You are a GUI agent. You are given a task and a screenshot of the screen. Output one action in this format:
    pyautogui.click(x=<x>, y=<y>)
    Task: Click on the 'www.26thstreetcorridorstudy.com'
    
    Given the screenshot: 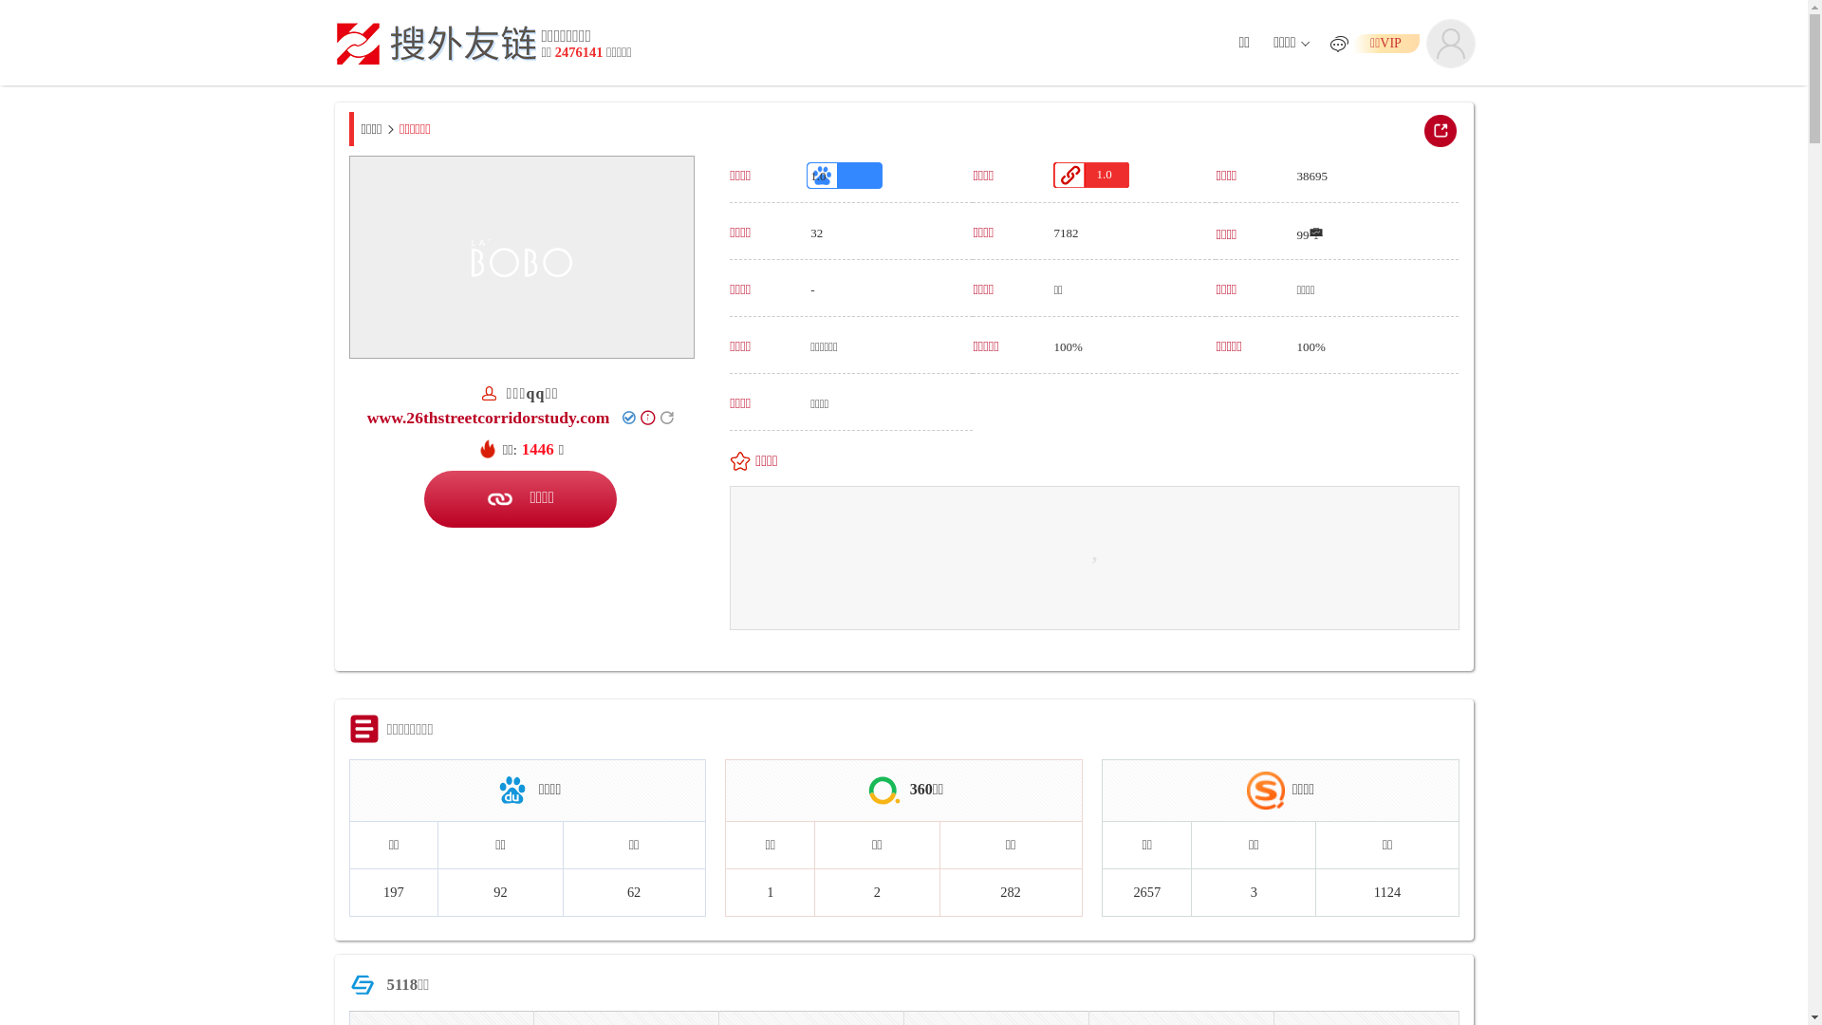 What is the action you would take?
    pyautogui.click(x=488, y=416)
    